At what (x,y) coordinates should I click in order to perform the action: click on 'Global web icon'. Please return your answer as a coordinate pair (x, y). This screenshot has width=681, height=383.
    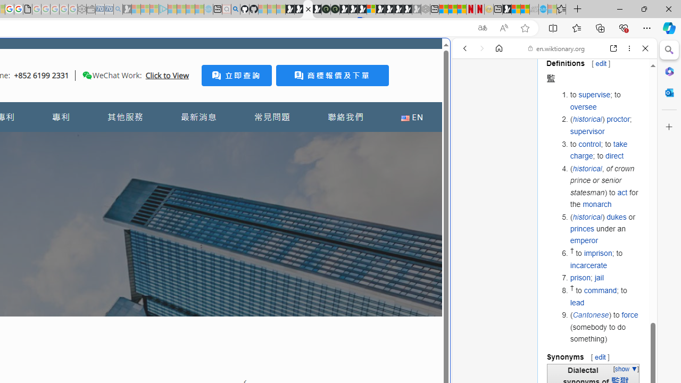
    Looking at the image, I should click on (472, 356).